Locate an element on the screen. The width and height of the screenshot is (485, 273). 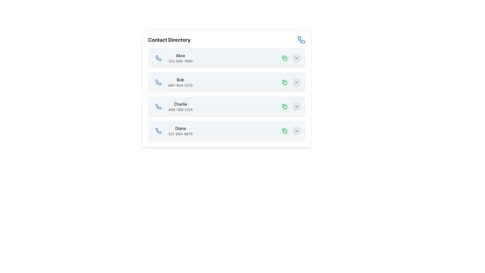
the text label displaying the name 'Alice' in bold font, part of the contact entry at the top of the contact list interface is located at coordinates (180, 55).